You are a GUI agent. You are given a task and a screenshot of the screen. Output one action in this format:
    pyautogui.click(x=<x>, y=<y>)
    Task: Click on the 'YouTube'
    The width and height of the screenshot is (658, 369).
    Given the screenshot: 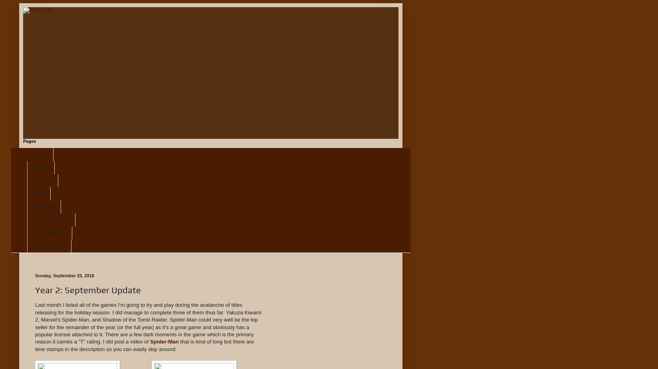 What is the action you would take?
    pyautogui.click(x=44, y=207)
    